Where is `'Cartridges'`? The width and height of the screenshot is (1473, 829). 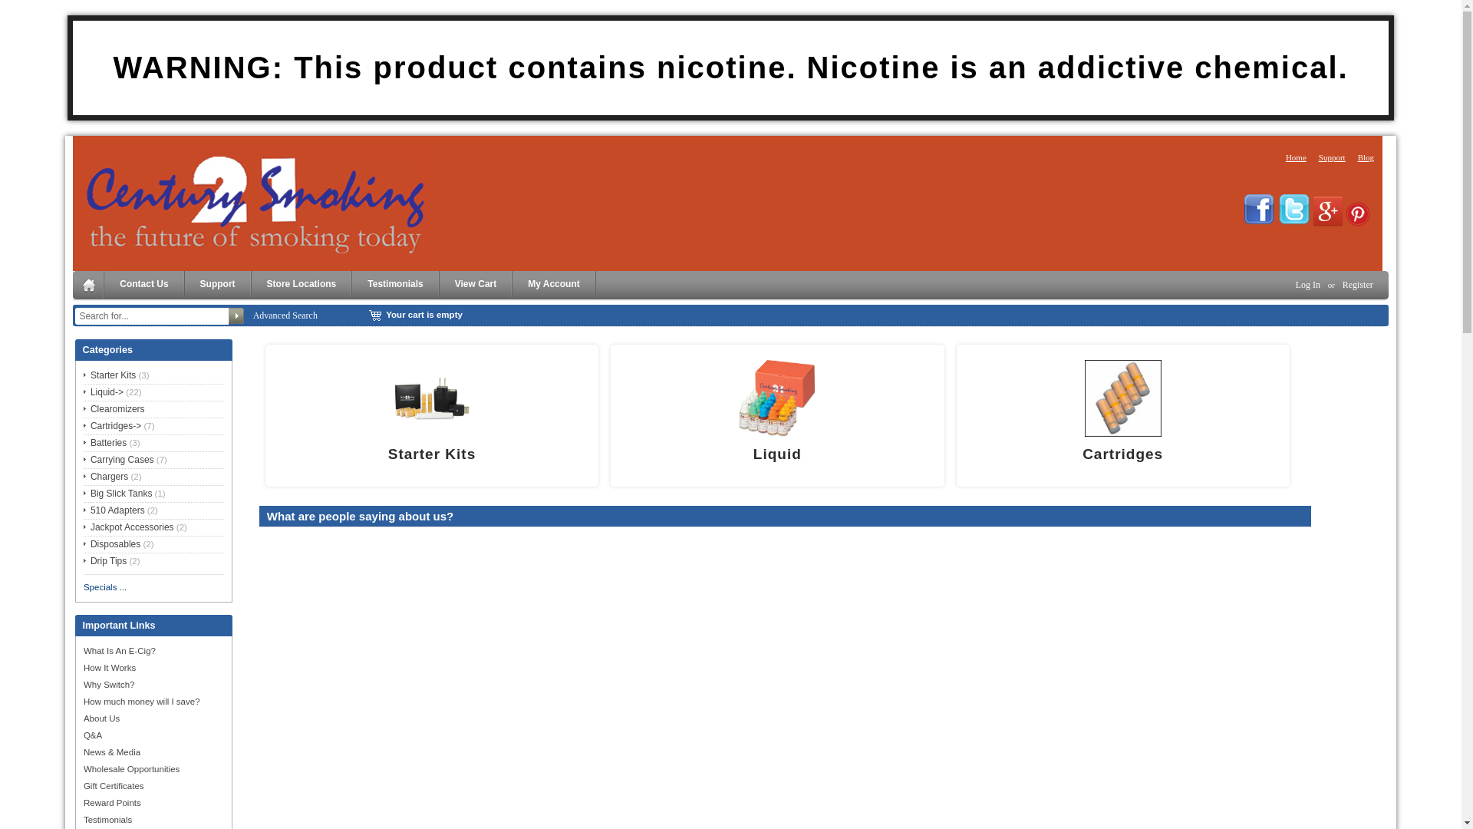
'Cartridges' is located at coordinates (1082, 453).